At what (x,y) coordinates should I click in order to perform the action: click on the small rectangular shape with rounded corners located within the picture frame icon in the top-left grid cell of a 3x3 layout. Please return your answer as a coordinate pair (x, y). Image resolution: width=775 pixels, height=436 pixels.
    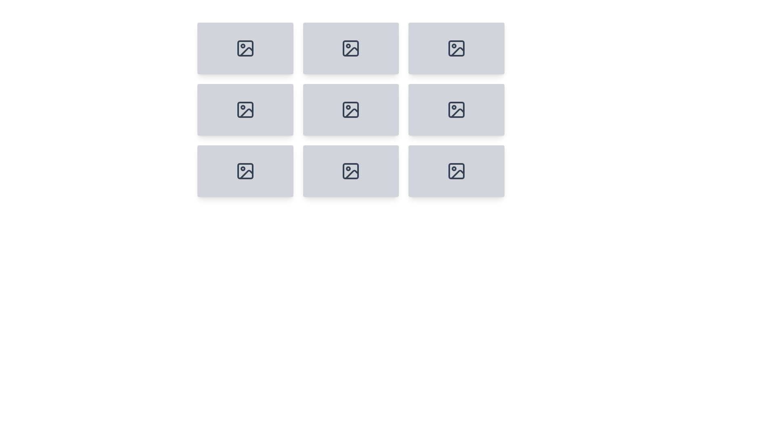
    Looking at the image, I should click on (245, 48).